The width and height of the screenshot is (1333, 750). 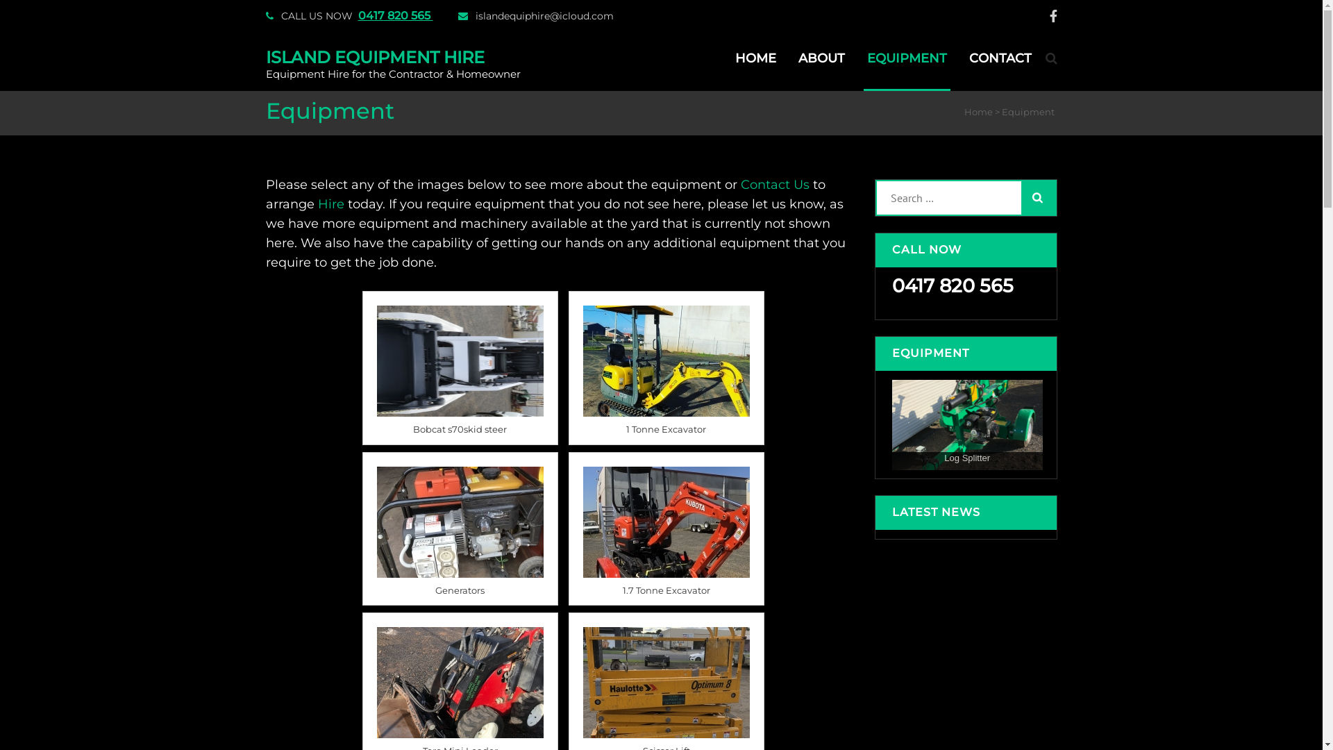 I want to click on '0417 820 565', so click(x=393, y=16).